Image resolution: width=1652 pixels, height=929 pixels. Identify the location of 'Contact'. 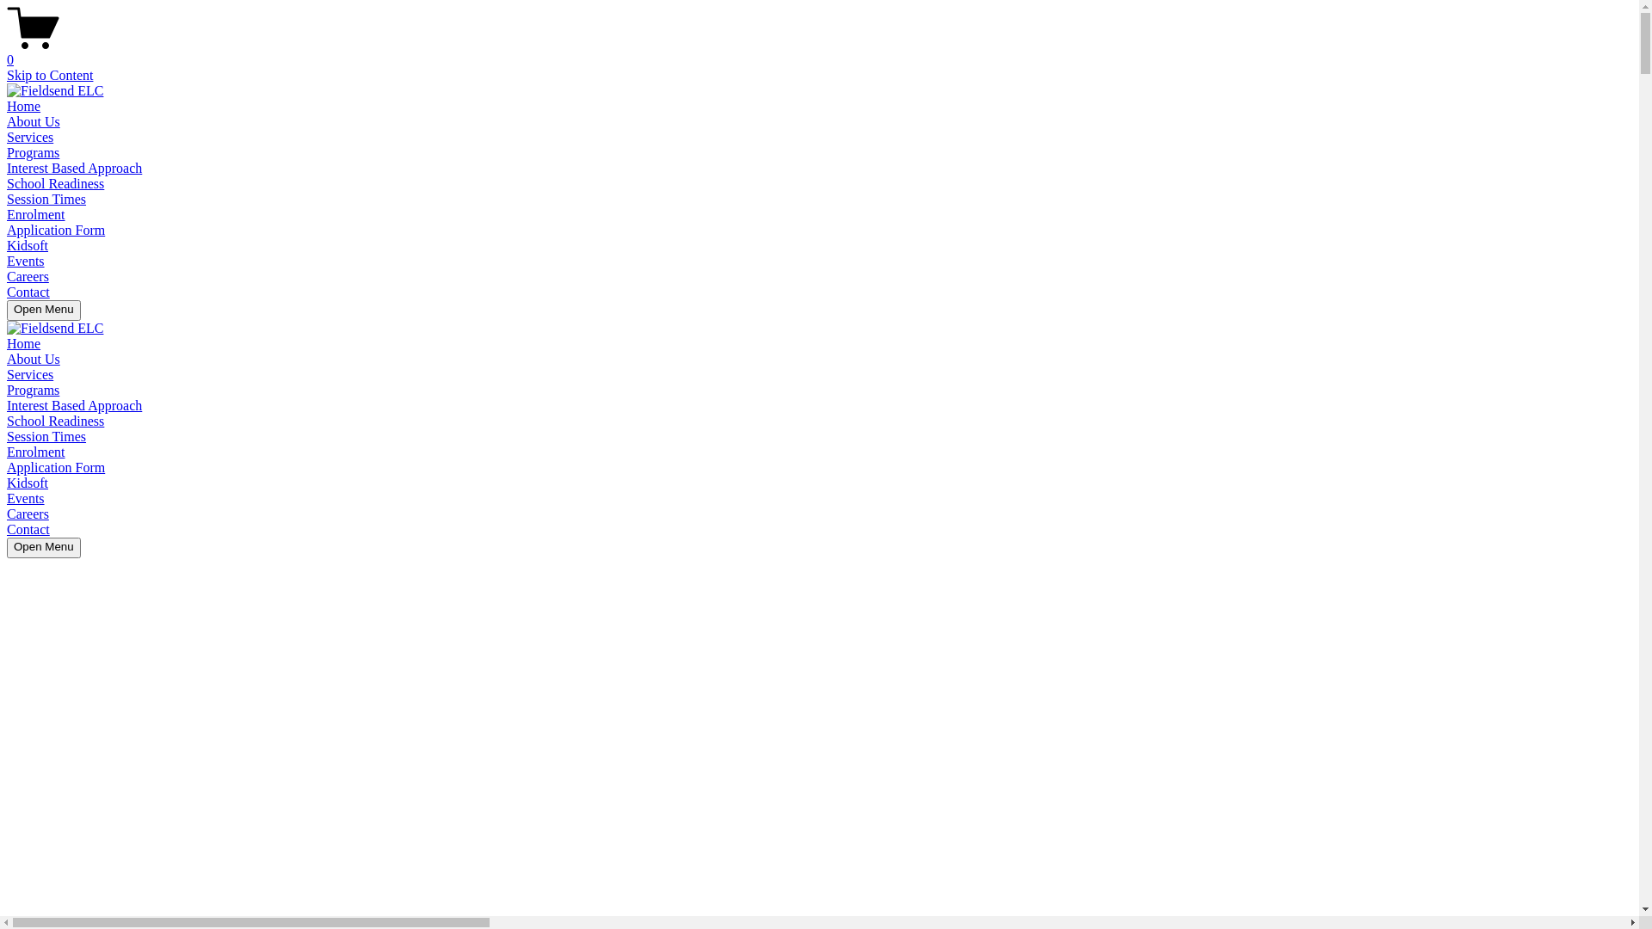
(28, 528).